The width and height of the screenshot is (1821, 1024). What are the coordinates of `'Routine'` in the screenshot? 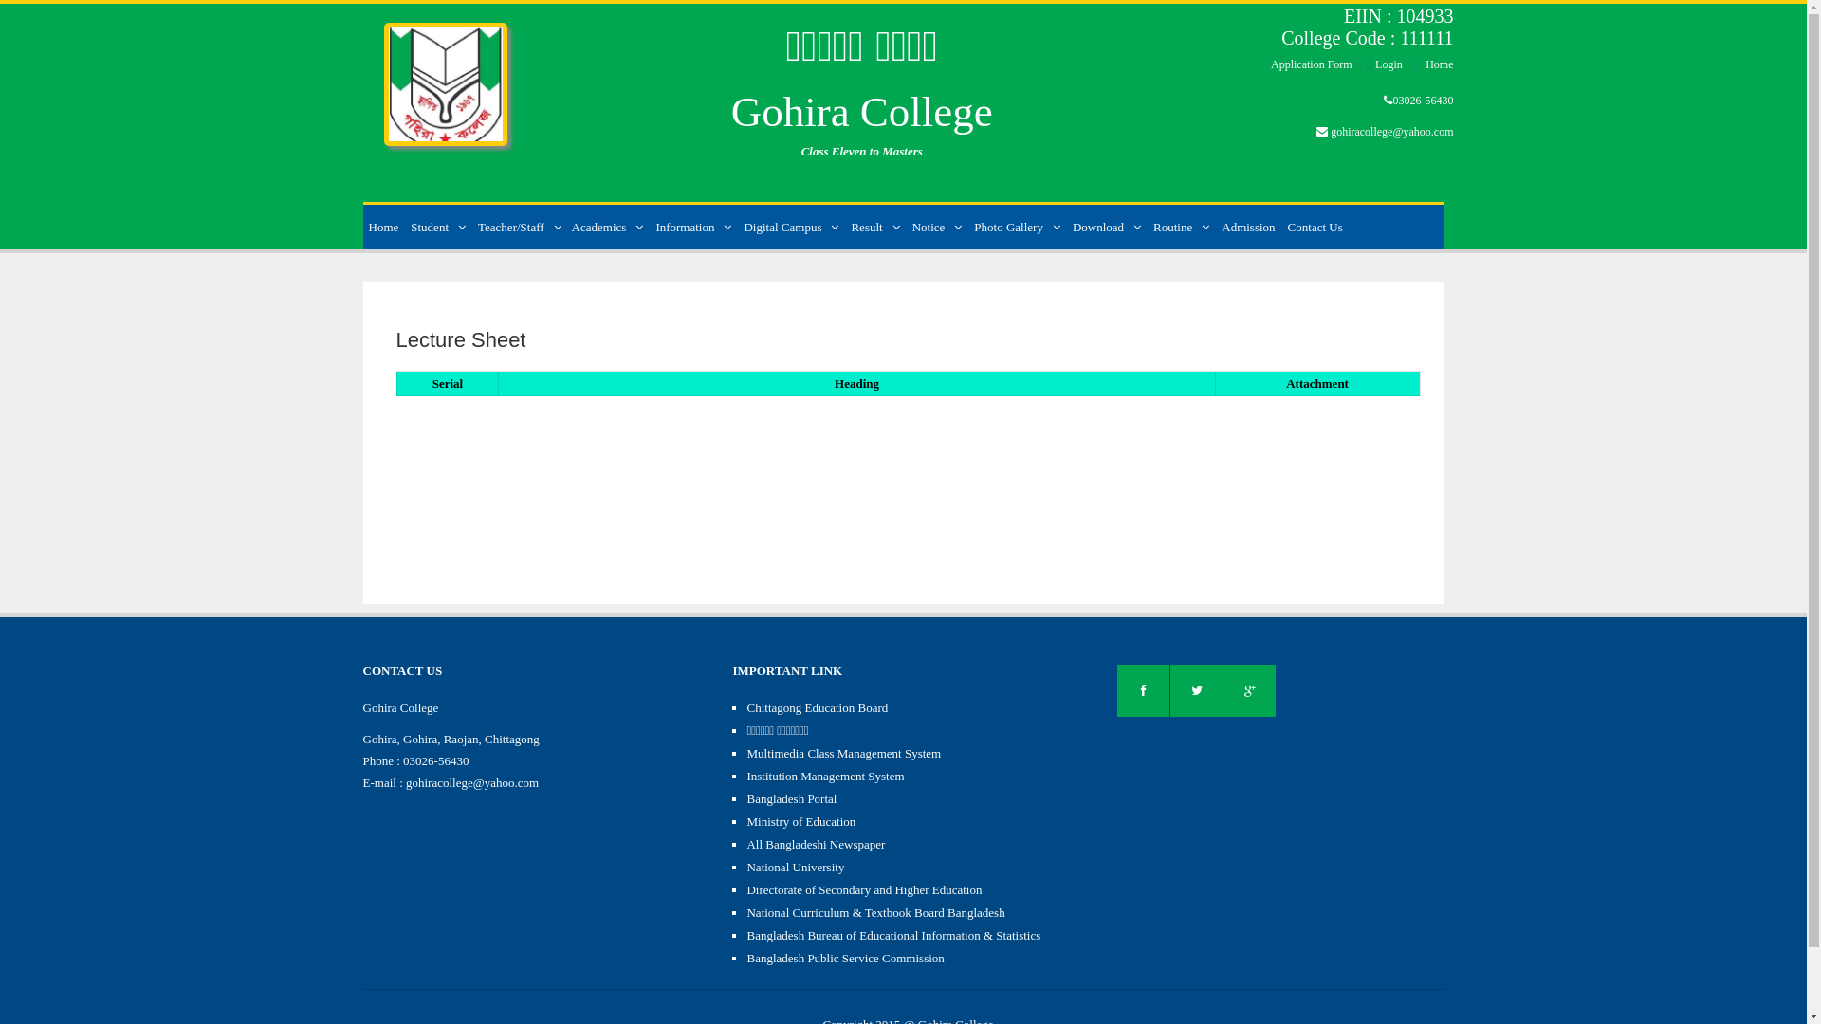 It's located at (1180, 226).